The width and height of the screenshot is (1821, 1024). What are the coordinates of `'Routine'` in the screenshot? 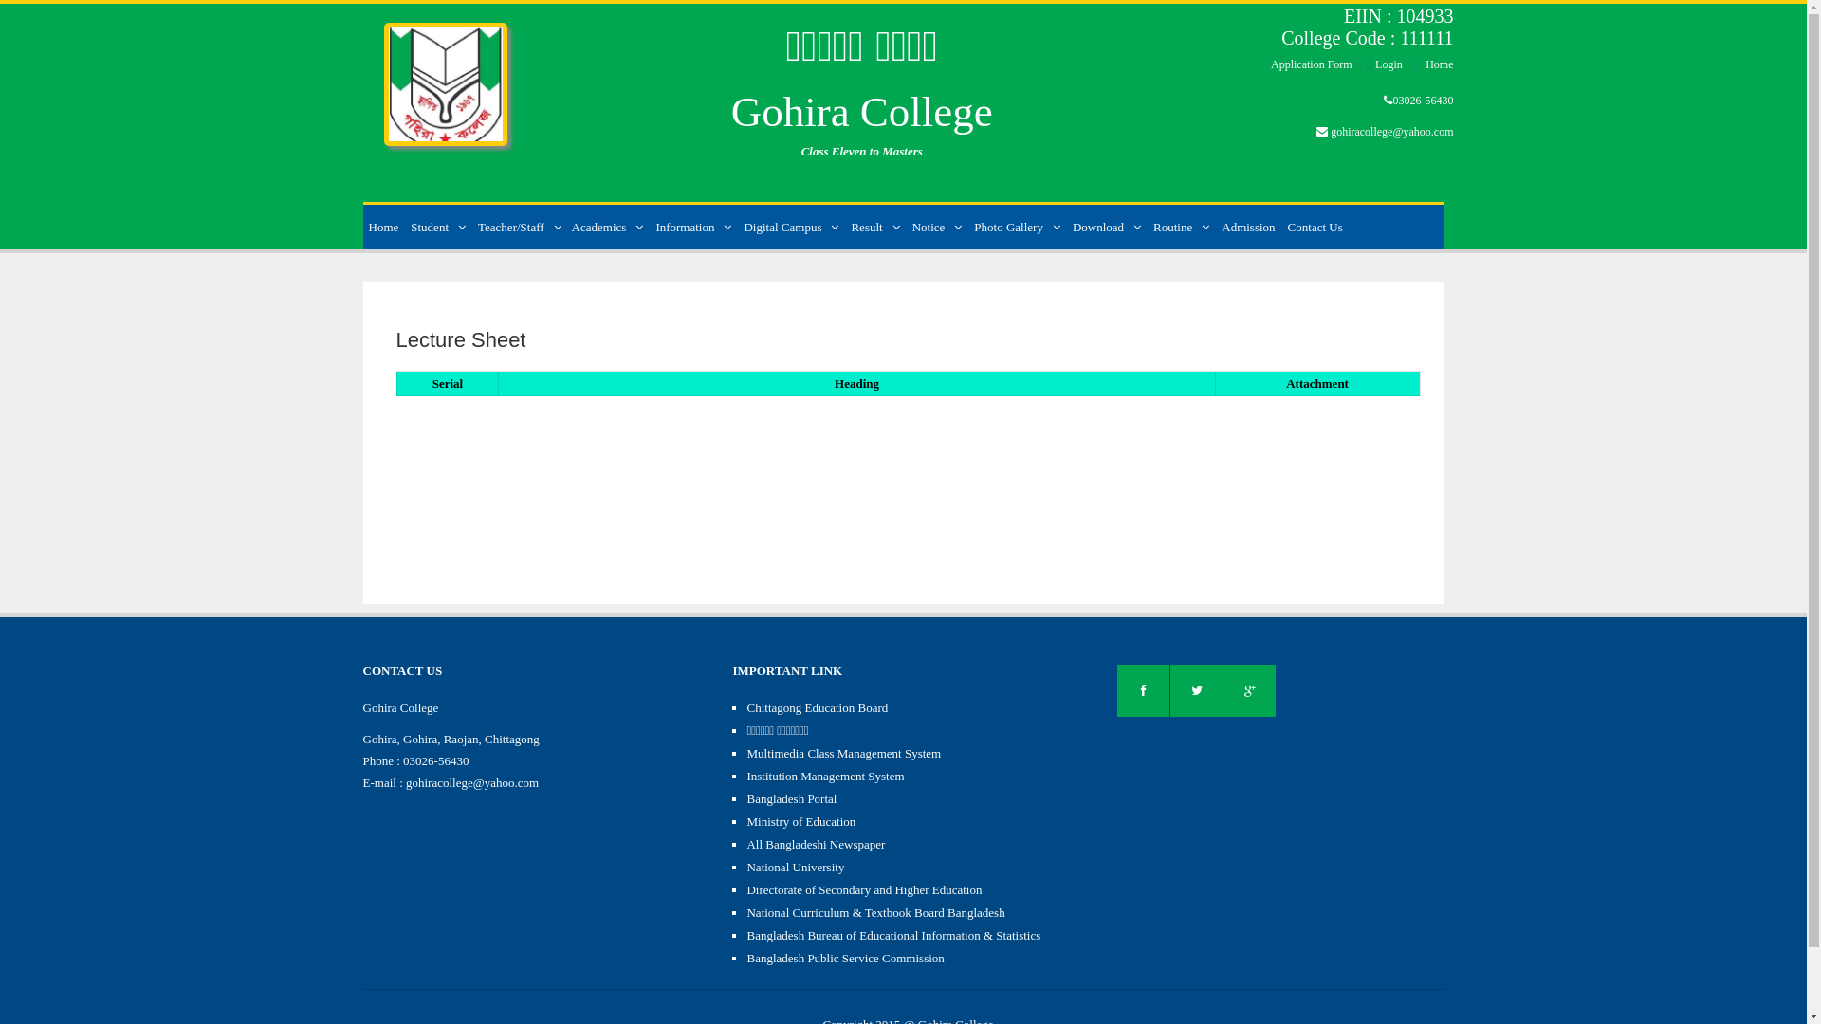 It's located at (1180, 226).